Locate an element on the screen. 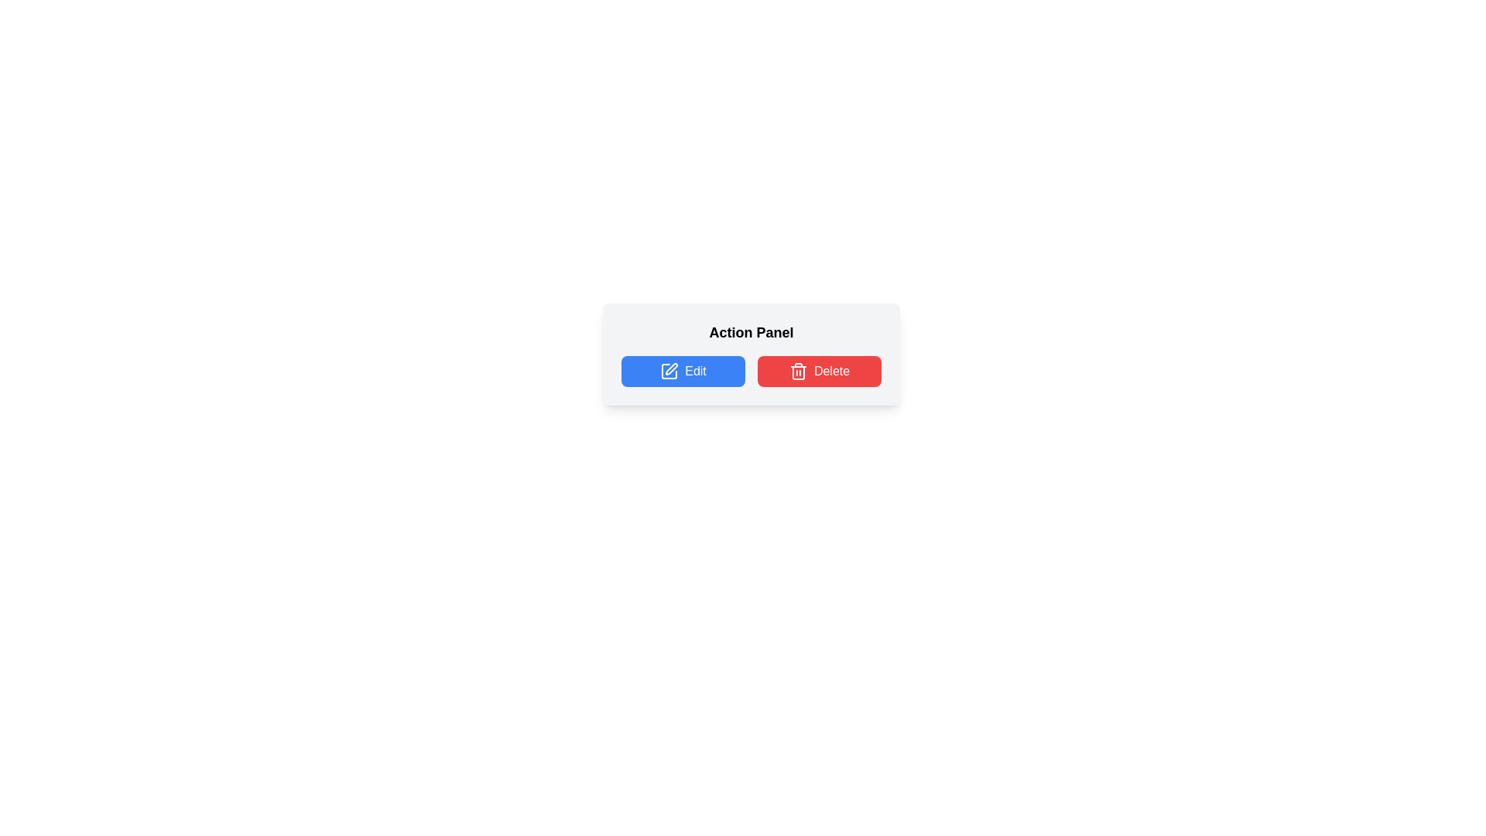  the edit icon within the blue button, which represents an editing action is located at coordinates (669, 371).